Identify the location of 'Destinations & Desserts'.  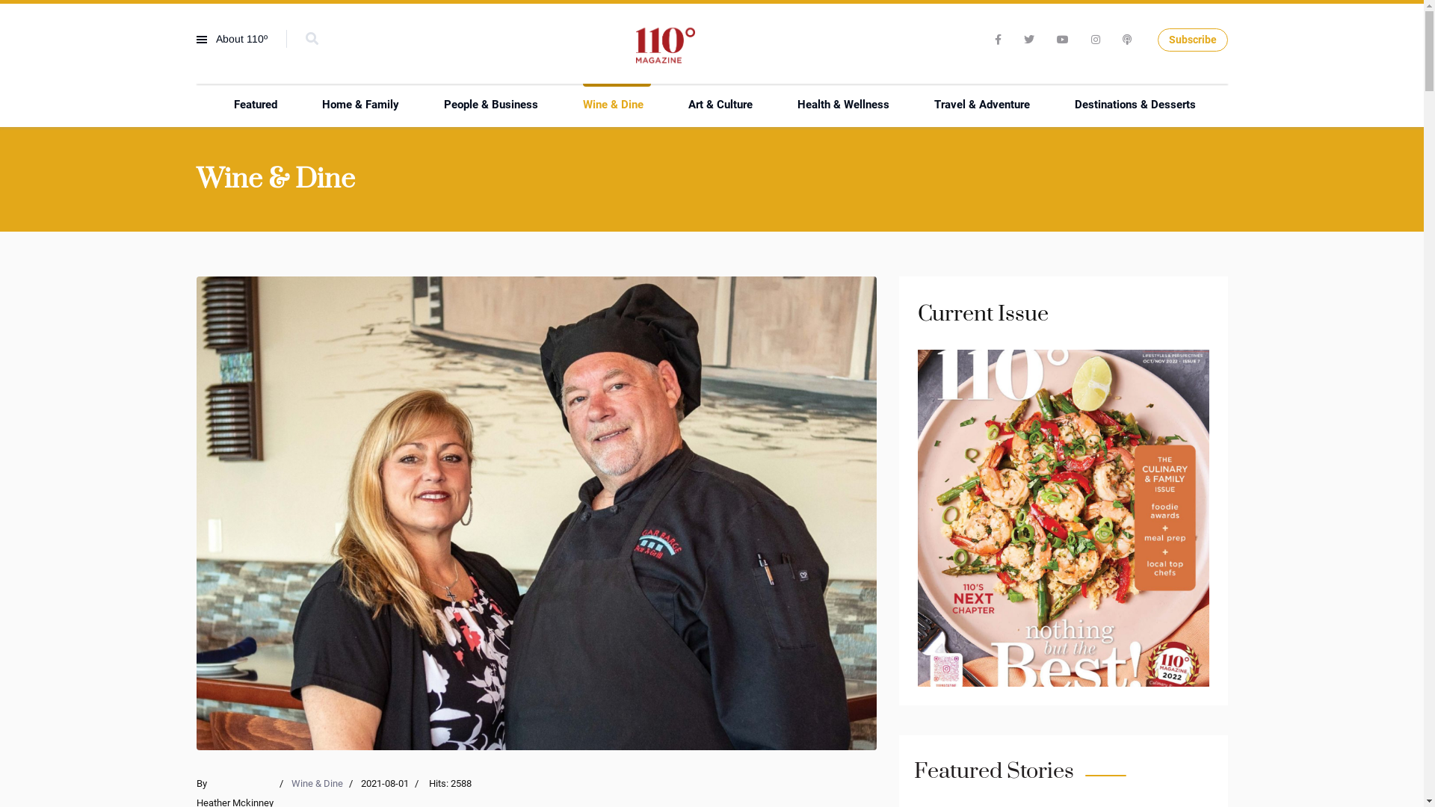
(1138, 103).